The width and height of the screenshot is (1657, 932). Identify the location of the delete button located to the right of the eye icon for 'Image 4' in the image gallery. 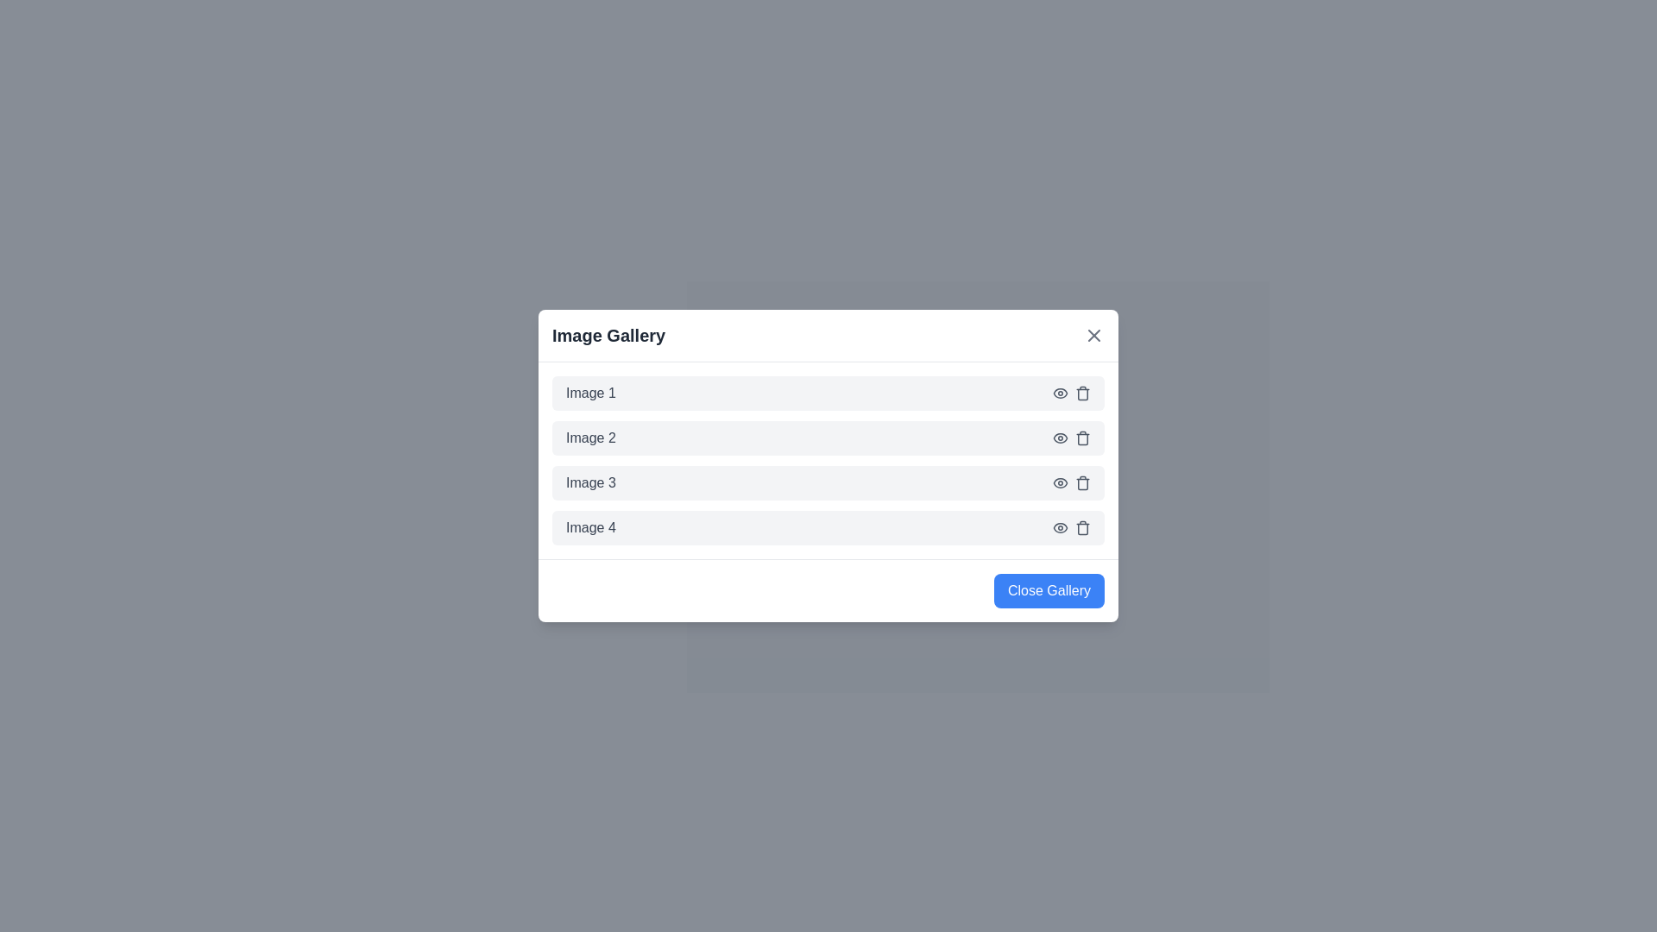
(1081, 527).